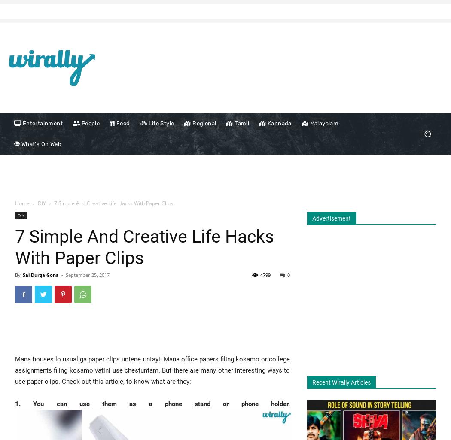 This screenshot has width=451, height=440. Describe the element at coordinates (312, 382) in the screenshot. I see `'Recent Wirally Articles'` at that location.